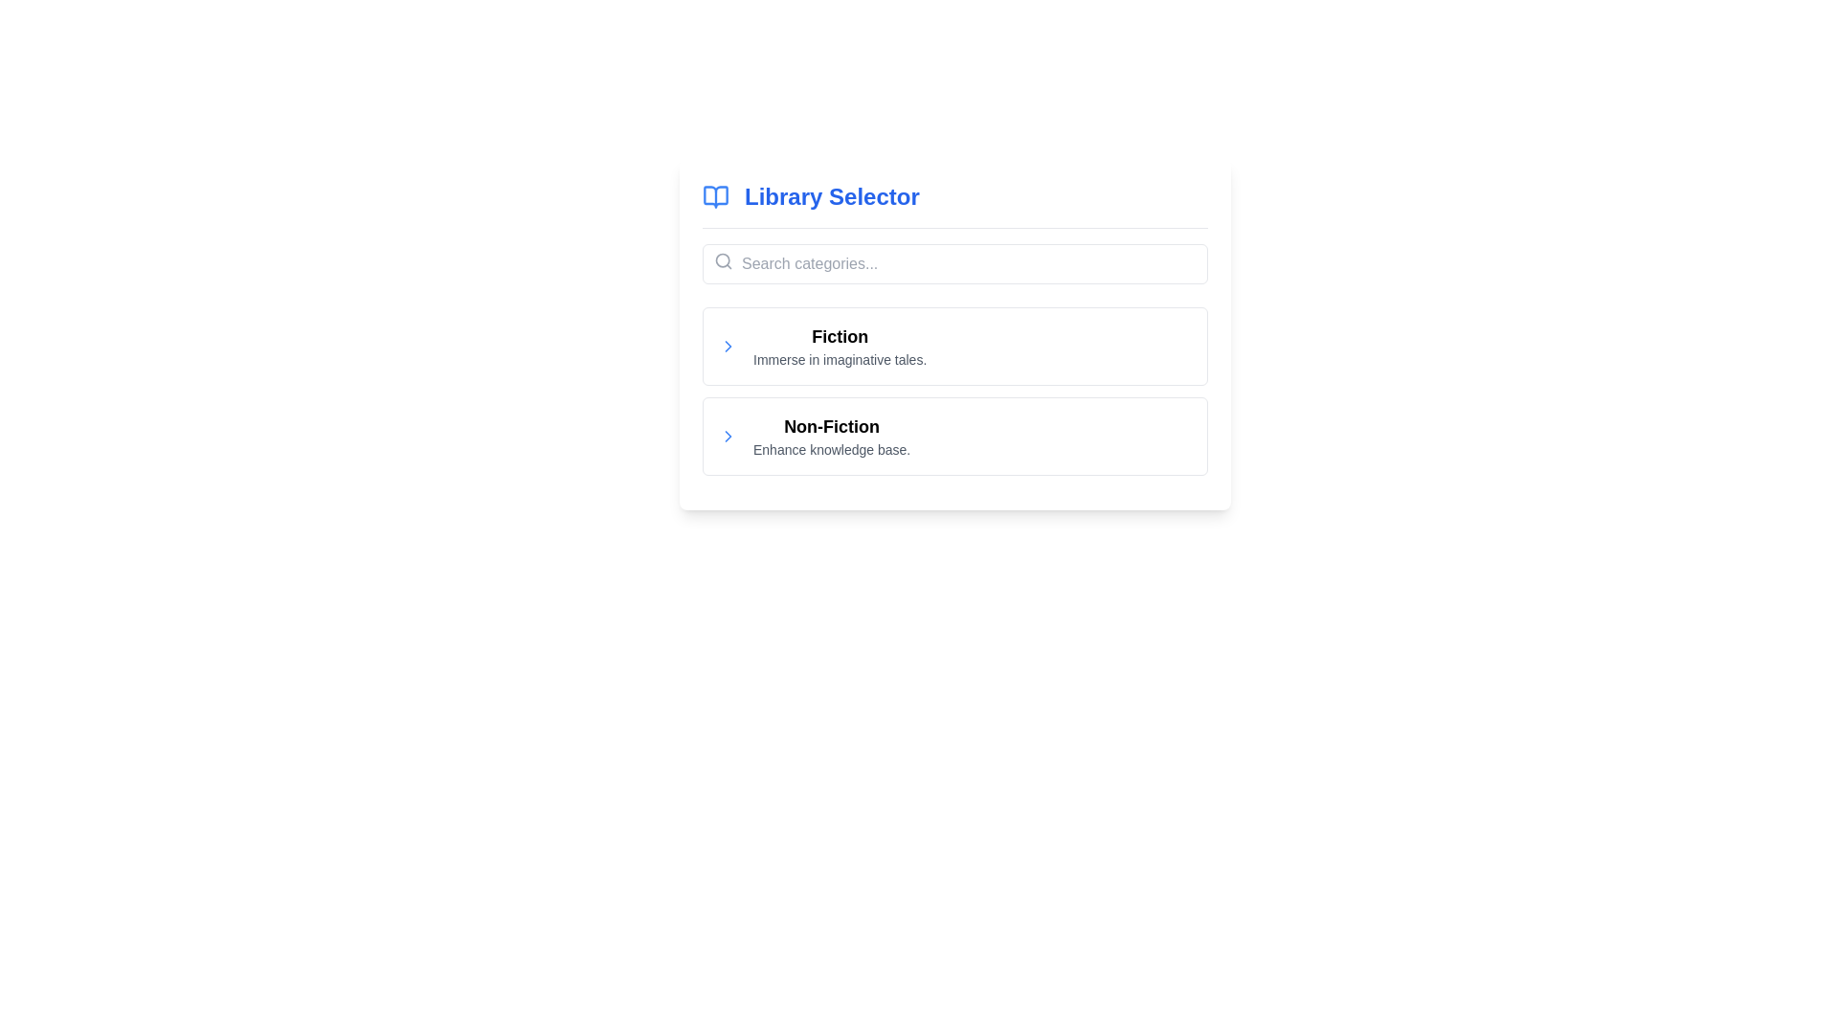 The image size is (1838, 1034). I want to click on the 'Fiction' section of the selectable list item, which is styled with a bold title and a descriptive line below it, so click(955, 390).